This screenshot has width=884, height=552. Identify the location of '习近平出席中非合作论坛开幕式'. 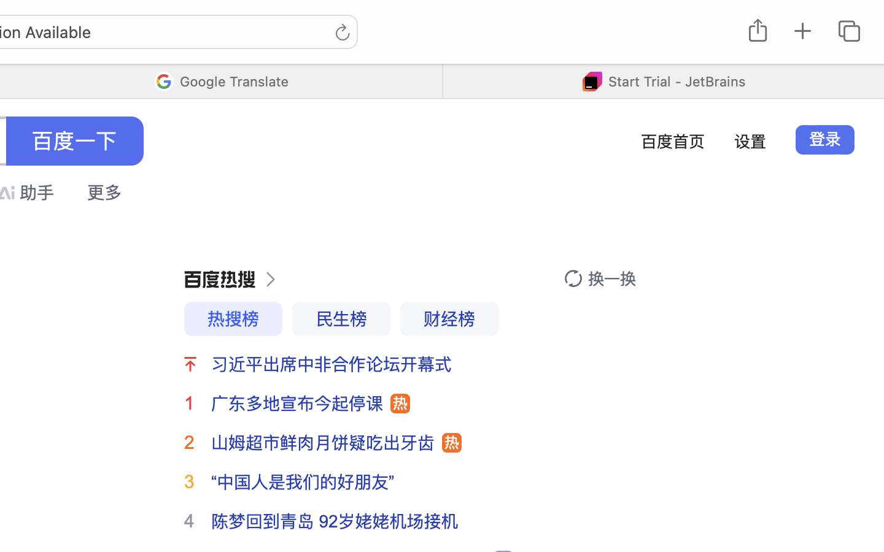
(331, 364).